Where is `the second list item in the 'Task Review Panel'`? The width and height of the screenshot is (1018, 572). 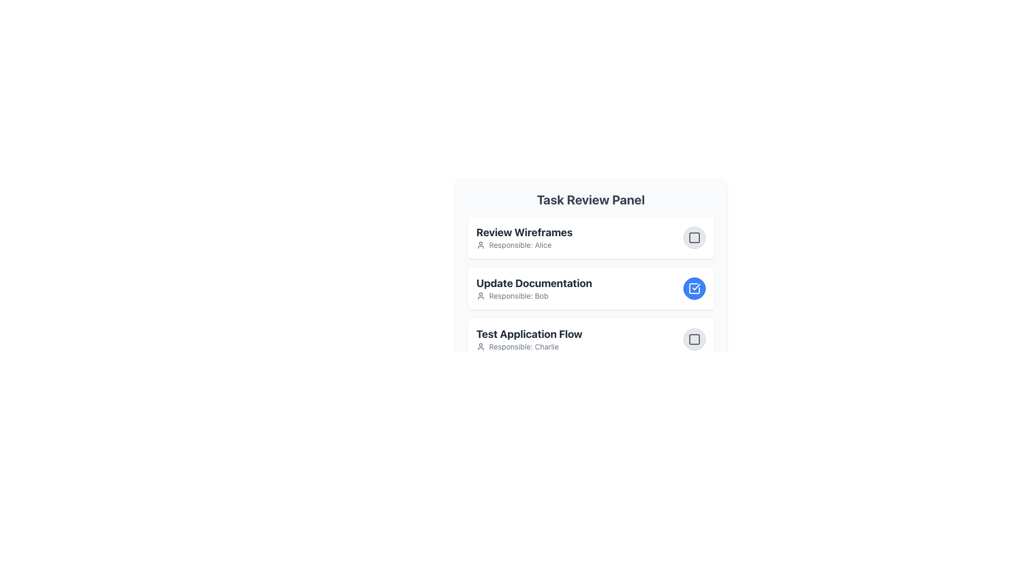
the second list item in the 'Task Review Panel' is located at coordinates (590, 288).